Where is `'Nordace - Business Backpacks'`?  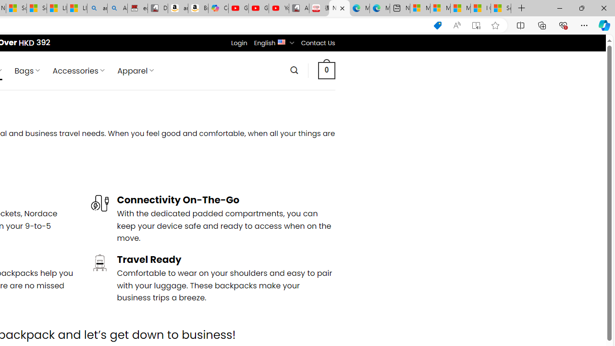
'Nordace - Business Backpacks' is located at coordinates (339, 8).